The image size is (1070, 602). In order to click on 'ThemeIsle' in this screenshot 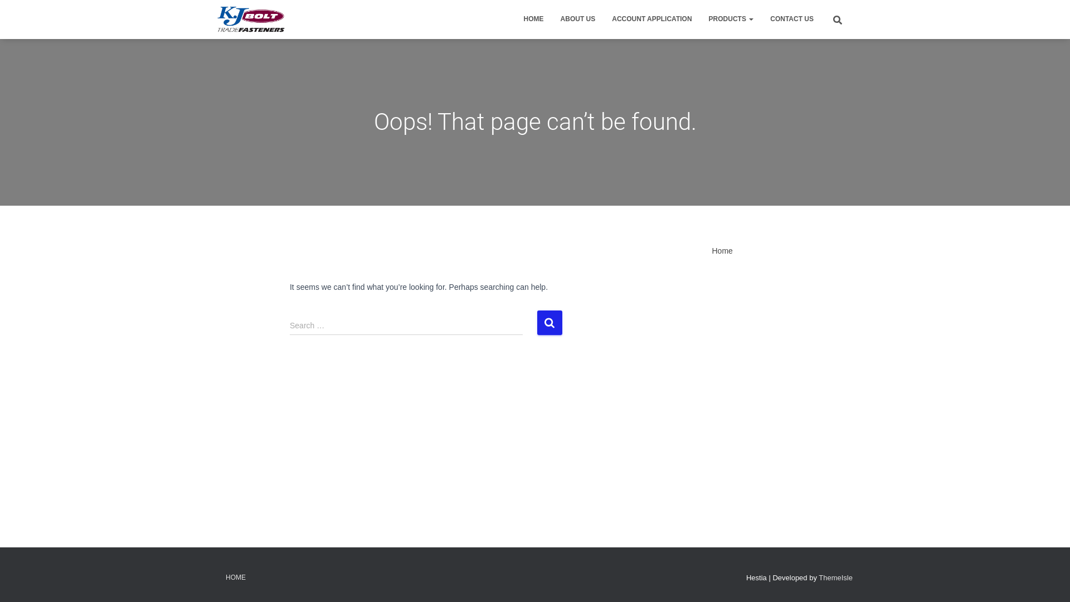, I will do `click(835, 577)`.